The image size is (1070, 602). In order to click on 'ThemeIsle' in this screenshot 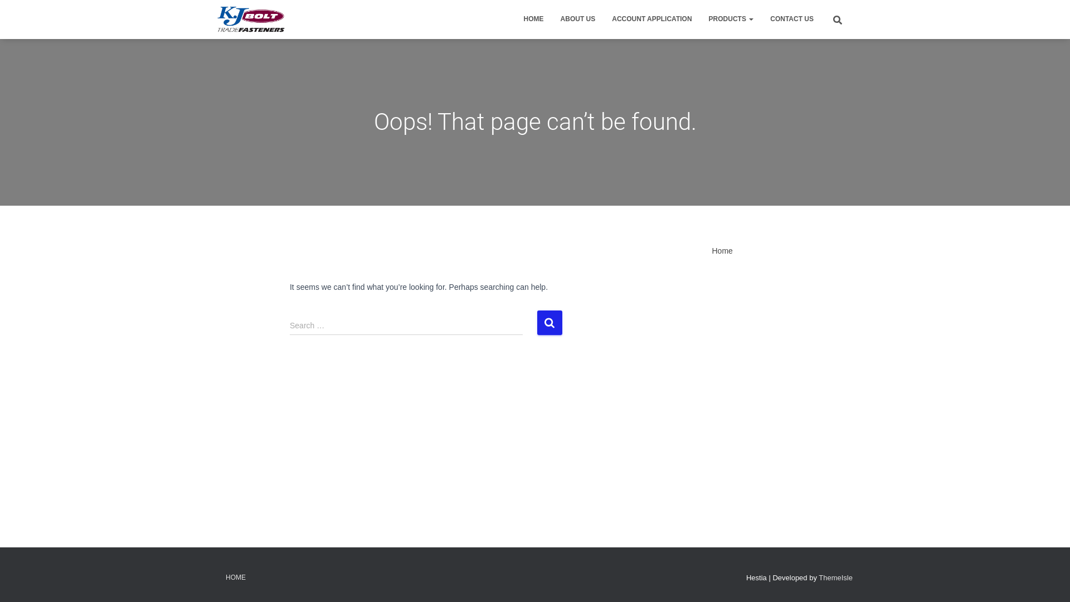, I will do `click(835, 577)`.